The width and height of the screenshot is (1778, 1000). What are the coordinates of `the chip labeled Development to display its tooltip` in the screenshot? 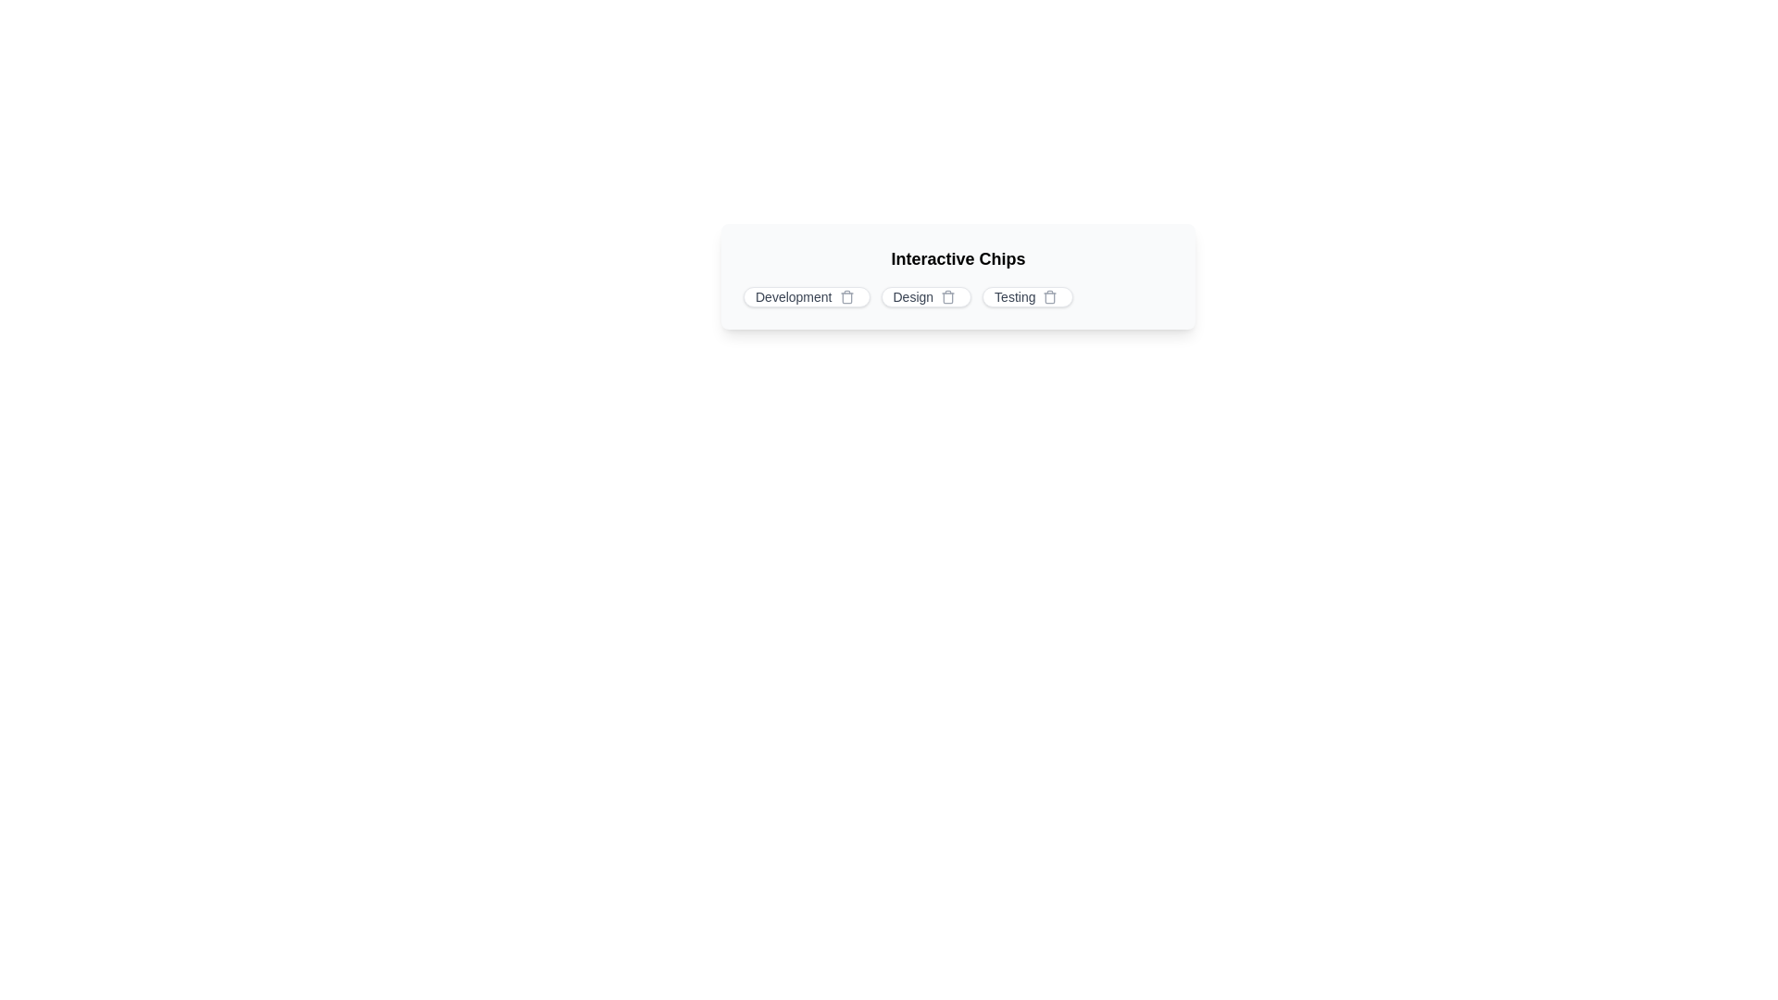 It's located at (807, 295).